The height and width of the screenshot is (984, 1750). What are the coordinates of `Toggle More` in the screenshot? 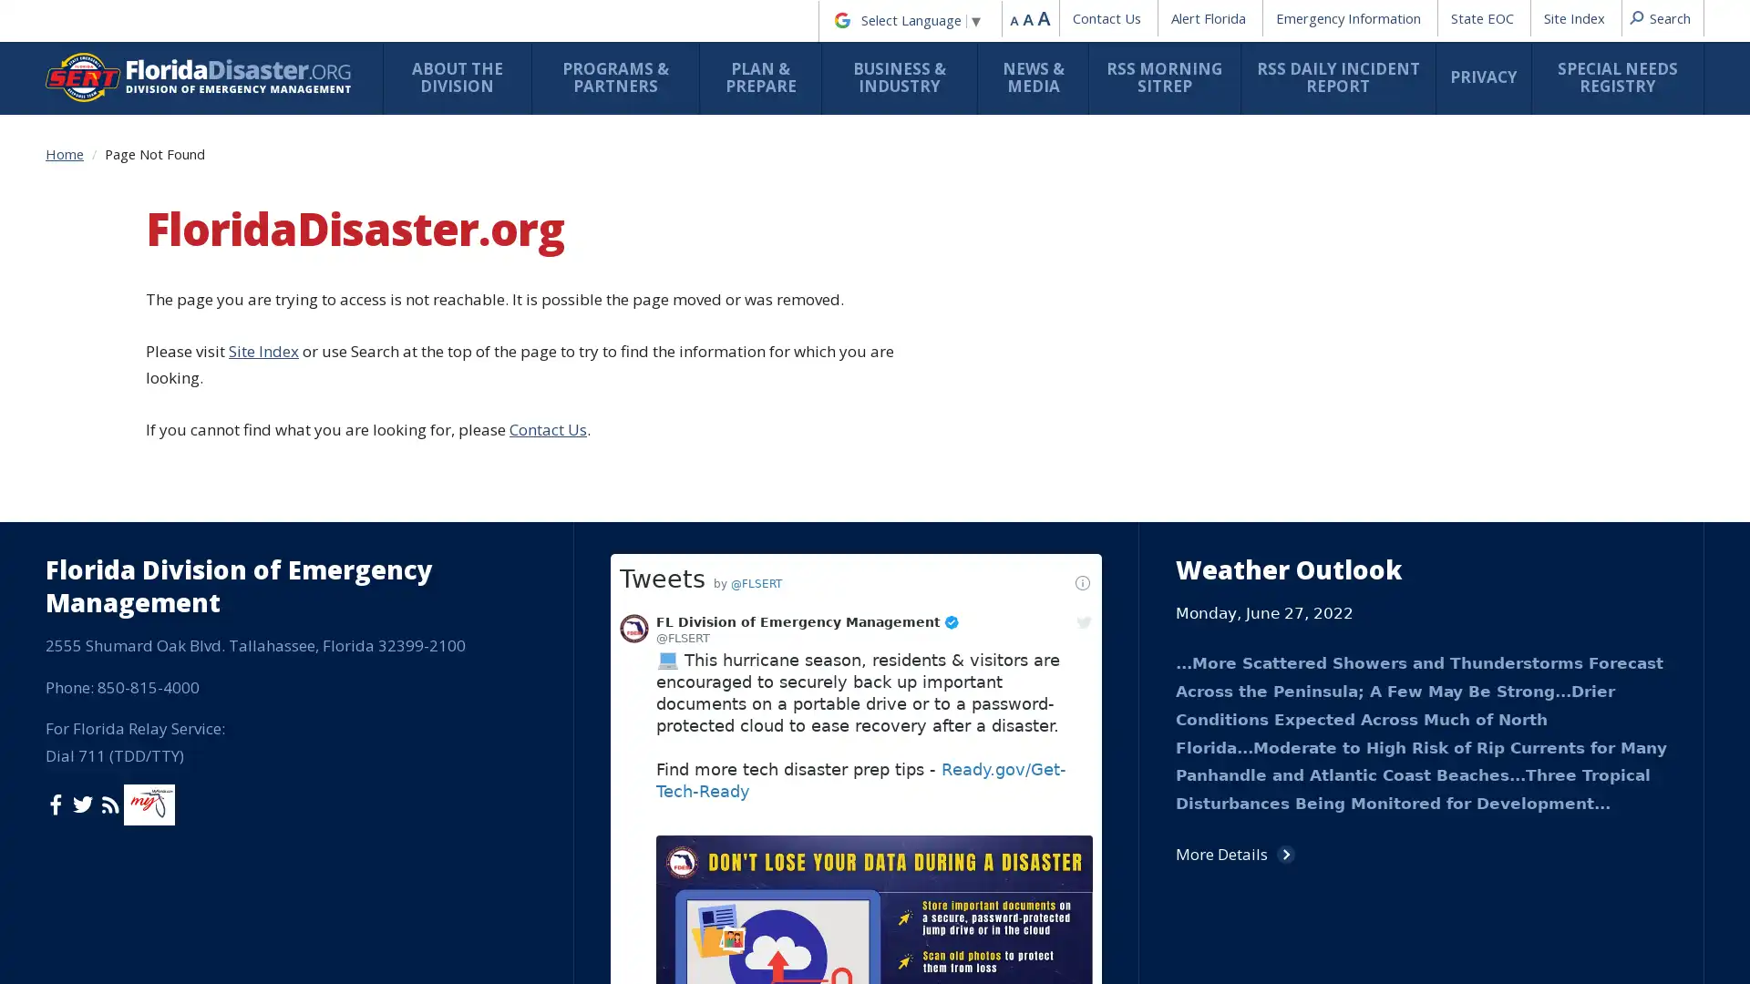 It's located at (730, 347).